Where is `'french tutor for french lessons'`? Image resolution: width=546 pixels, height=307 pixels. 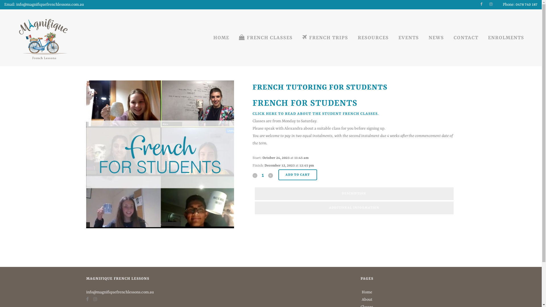
'french tutor for french lessons' is located at coordinates (159, 154).